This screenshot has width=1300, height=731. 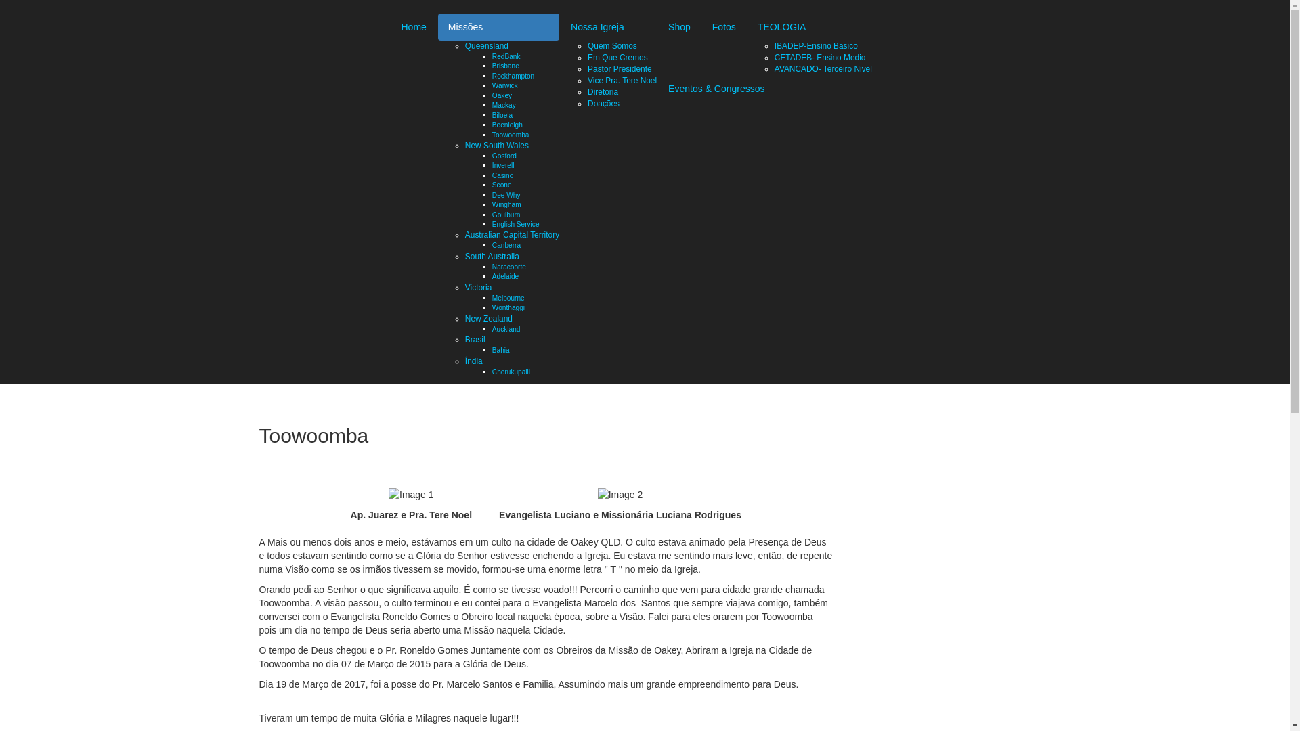 What do you see at coordinates (607, 26) in the screenshot?
I see `'Nossa Igreja'` at bounding box center [607, 26].